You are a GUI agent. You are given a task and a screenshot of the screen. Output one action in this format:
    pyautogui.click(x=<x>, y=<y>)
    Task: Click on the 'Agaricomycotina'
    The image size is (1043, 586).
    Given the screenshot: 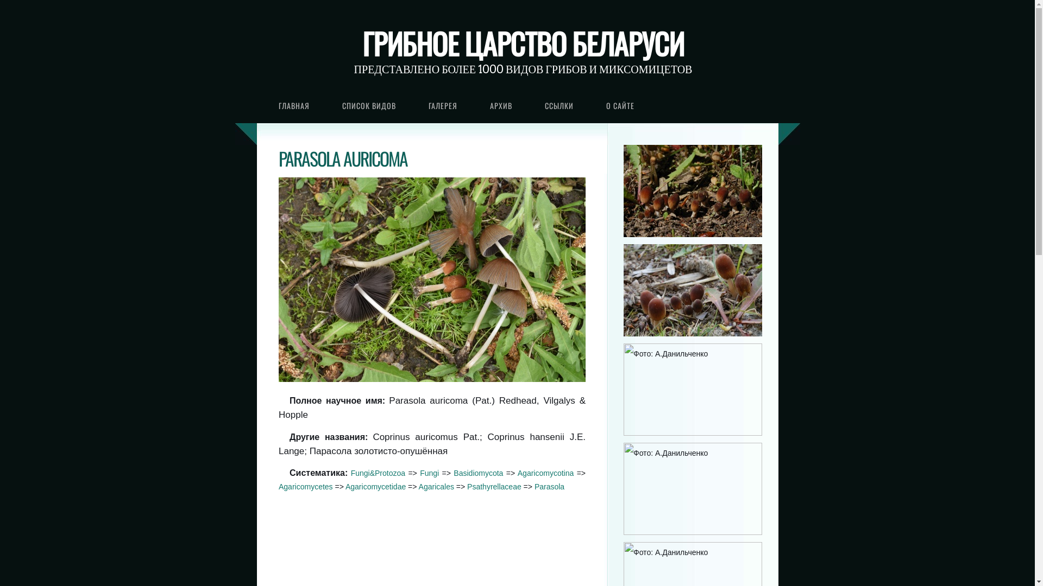 What is the action you would take?
    pyautogui.click(x=545, y=472)
    